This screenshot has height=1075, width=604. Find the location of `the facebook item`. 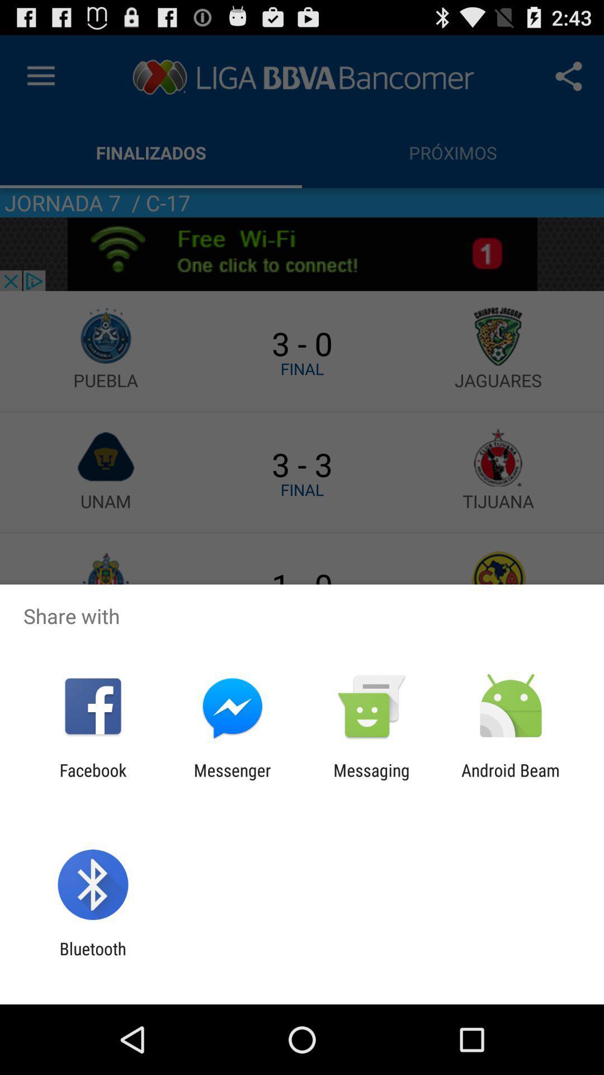

the facebook item is located at coordinates (92, 779).